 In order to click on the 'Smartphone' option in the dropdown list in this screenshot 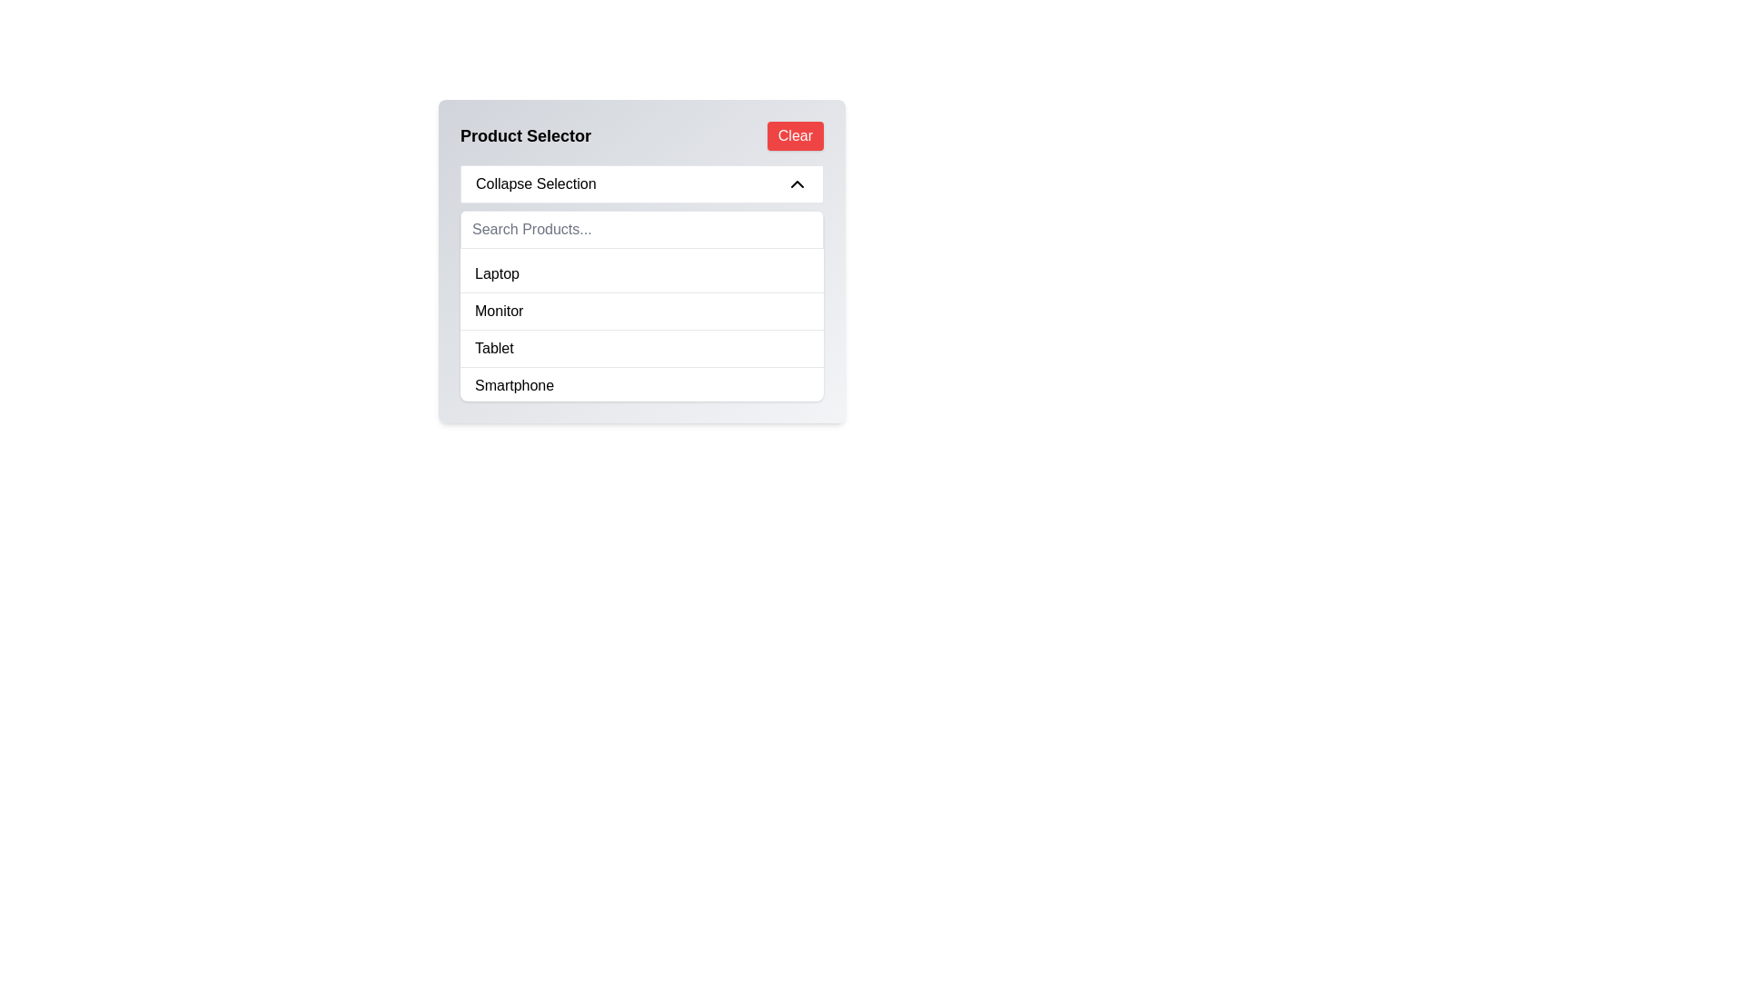, I will do `click(641, 384)`.